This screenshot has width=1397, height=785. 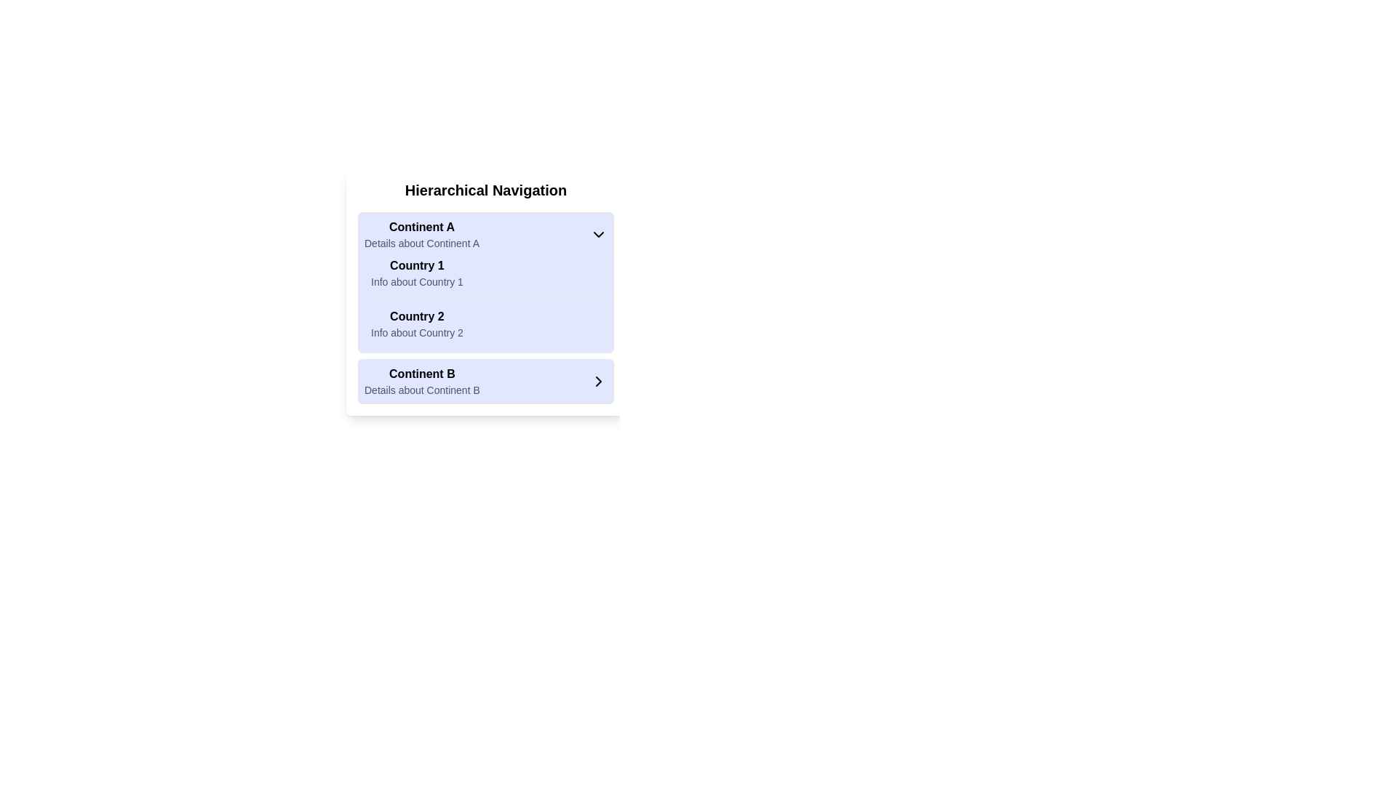 I want to click on text displayed in the second item under the 'Continent A' section of the hierarchical navigation menu, which contains the name of a country and its description, so click(x=416, y=323).